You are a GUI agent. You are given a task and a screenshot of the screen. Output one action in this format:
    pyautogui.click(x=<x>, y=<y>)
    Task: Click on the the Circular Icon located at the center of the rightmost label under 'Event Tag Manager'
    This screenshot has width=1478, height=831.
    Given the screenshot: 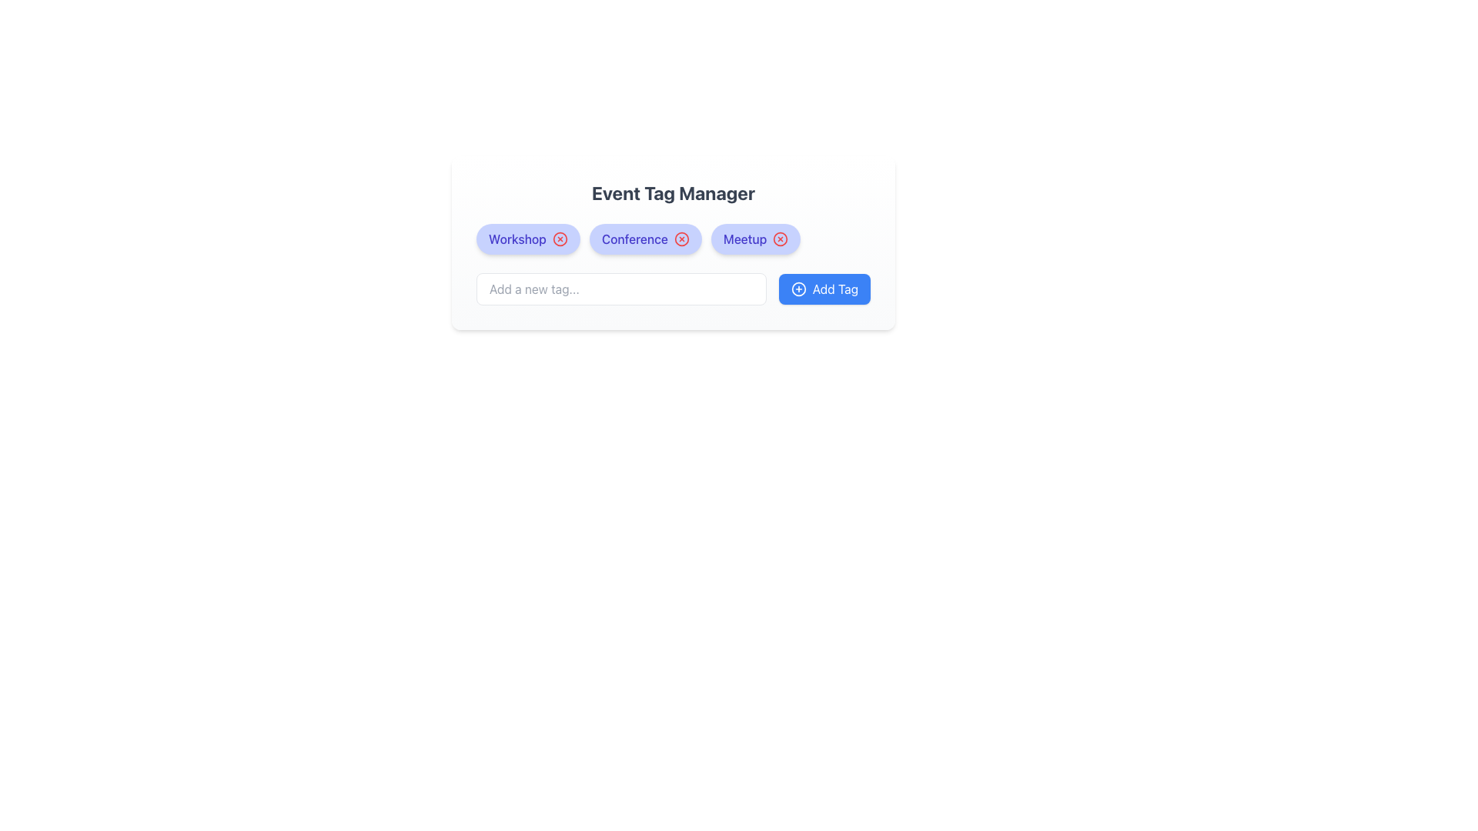 What is the action you would take?
    pyautogui.click(x=781, y=239)
    